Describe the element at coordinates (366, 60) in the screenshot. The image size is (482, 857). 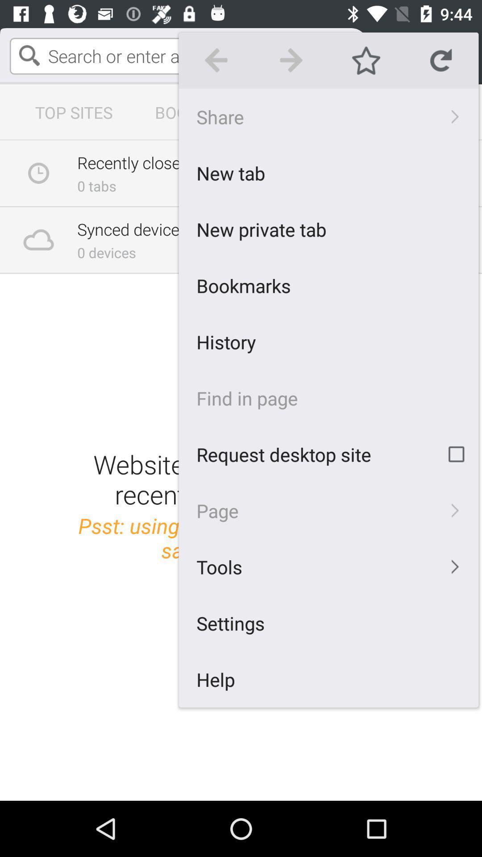
I see `icon above the share` at that location.